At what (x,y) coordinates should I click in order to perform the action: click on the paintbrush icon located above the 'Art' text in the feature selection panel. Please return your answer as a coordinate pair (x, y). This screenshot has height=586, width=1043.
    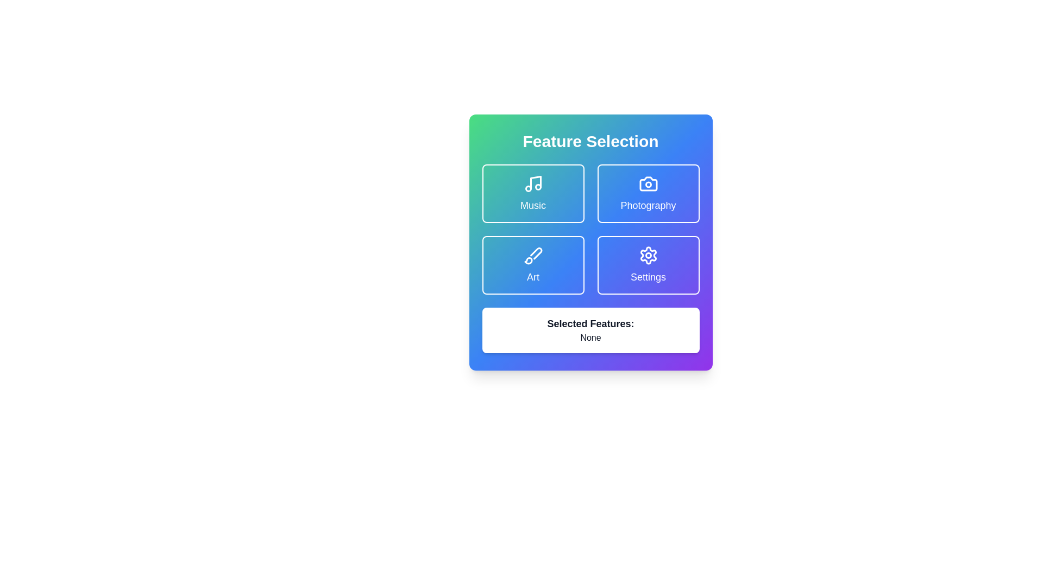
    Looking at the image, I should click on (533, 255).